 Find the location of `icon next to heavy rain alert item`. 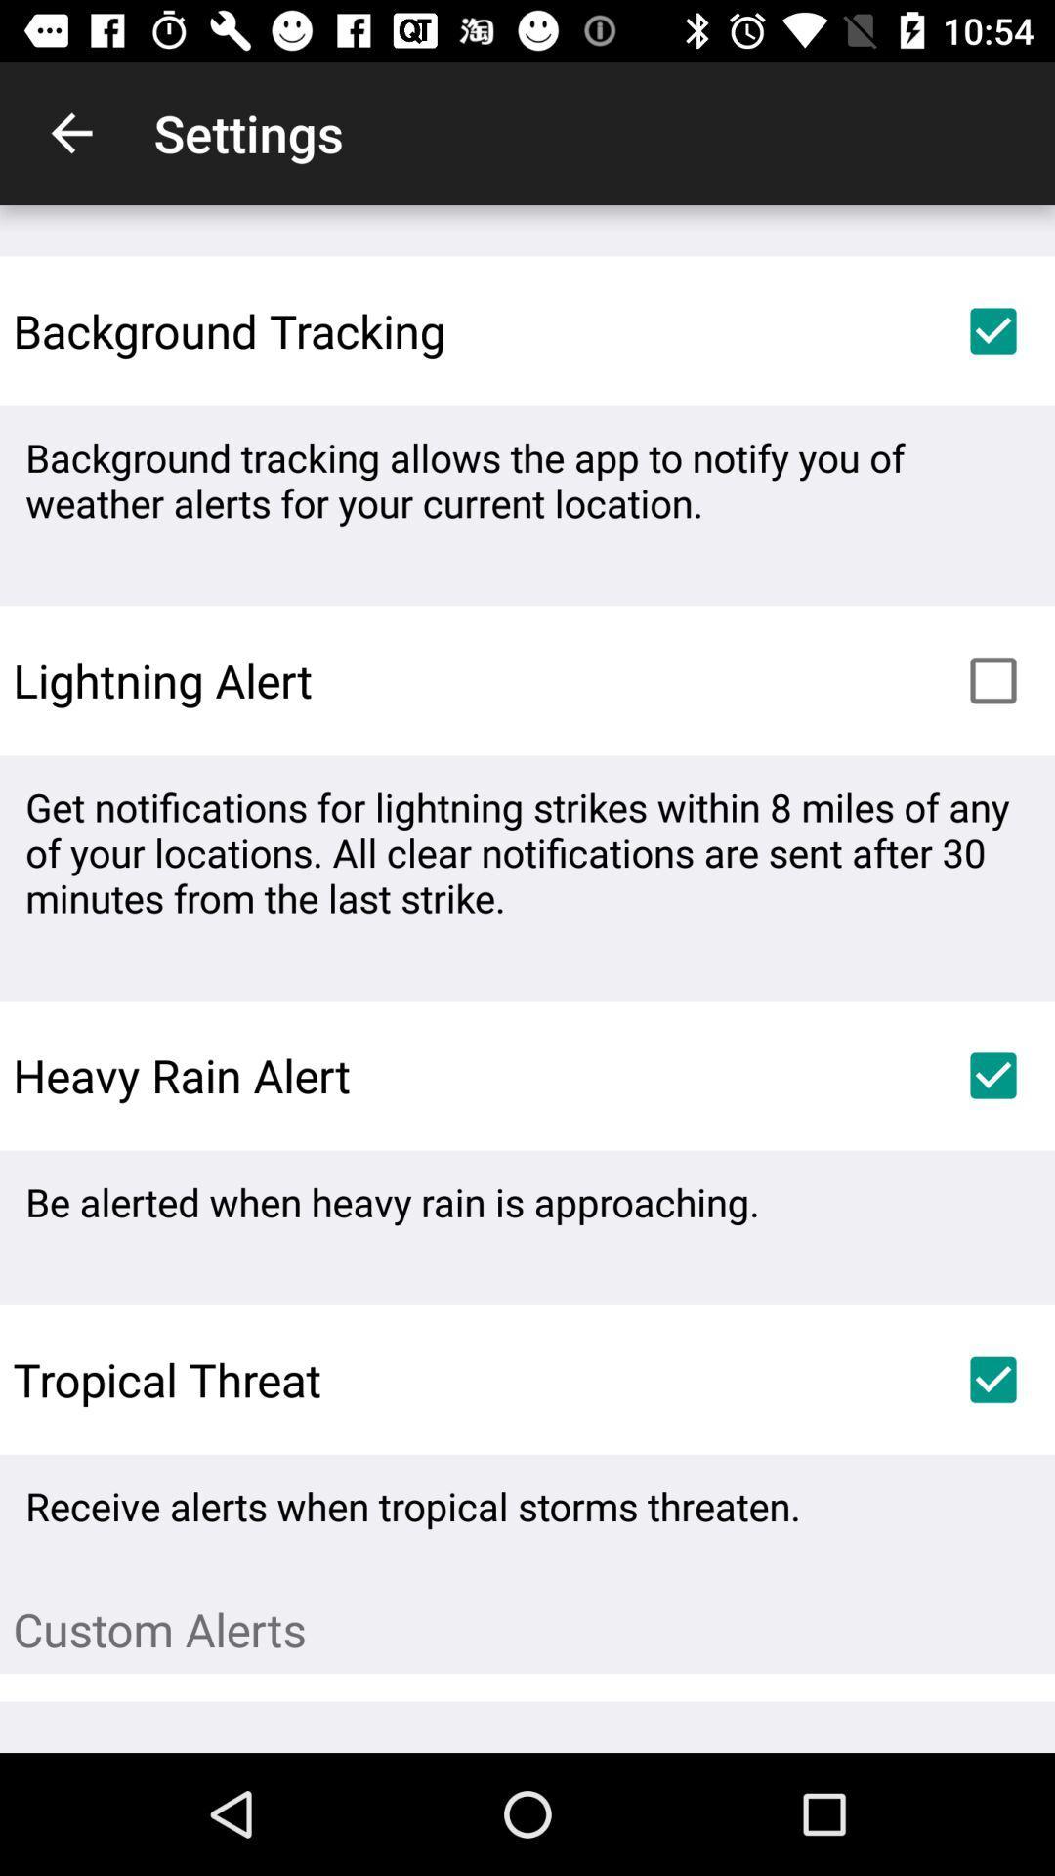

icon next to heavy rain alert item is located at coordinates (993, 1074).